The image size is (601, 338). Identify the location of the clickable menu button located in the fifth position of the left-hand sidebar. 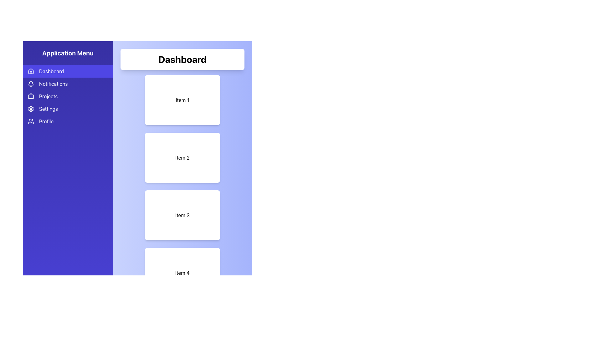
(68, 121).